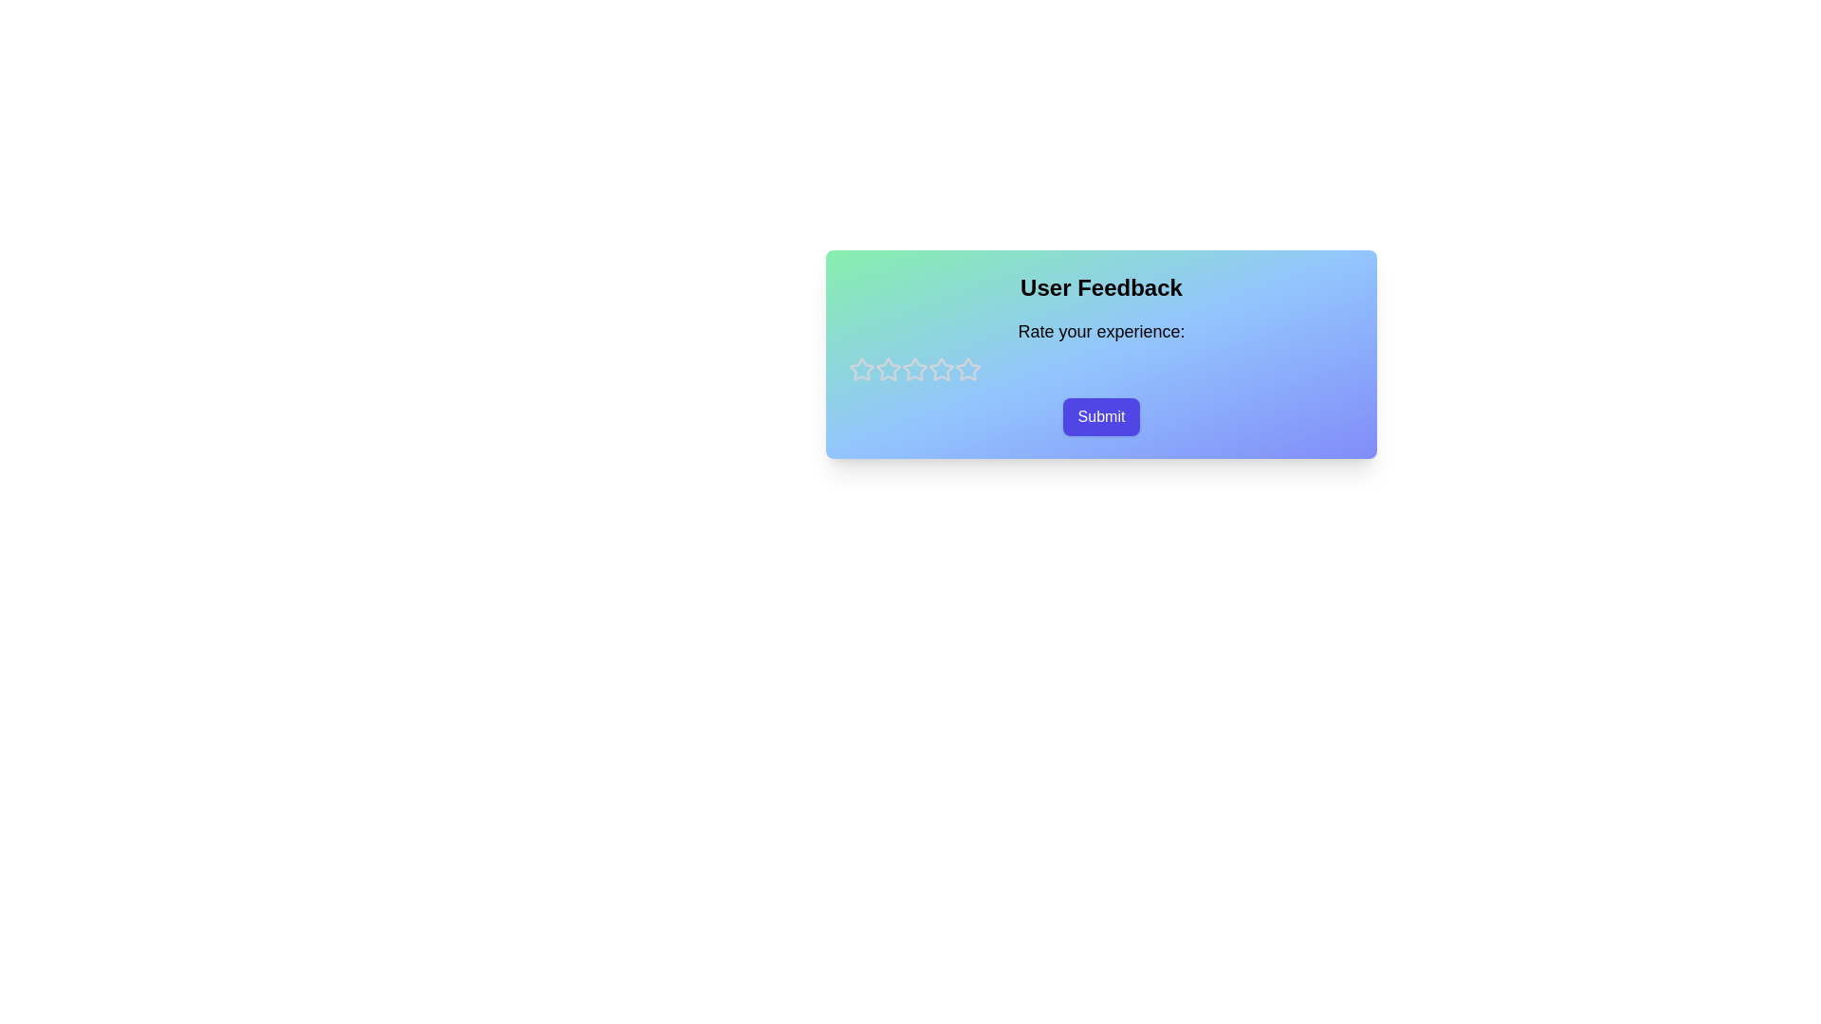 The image size is (1821, 1024). Describe the element at coordinates (1101, 415) in the screenshot. I see `the 'Submit' button, which is a rounded rectangular button with a purple background and white text, located in the bottom-right of the card component below the 'Rate your experience:' text` at that location.